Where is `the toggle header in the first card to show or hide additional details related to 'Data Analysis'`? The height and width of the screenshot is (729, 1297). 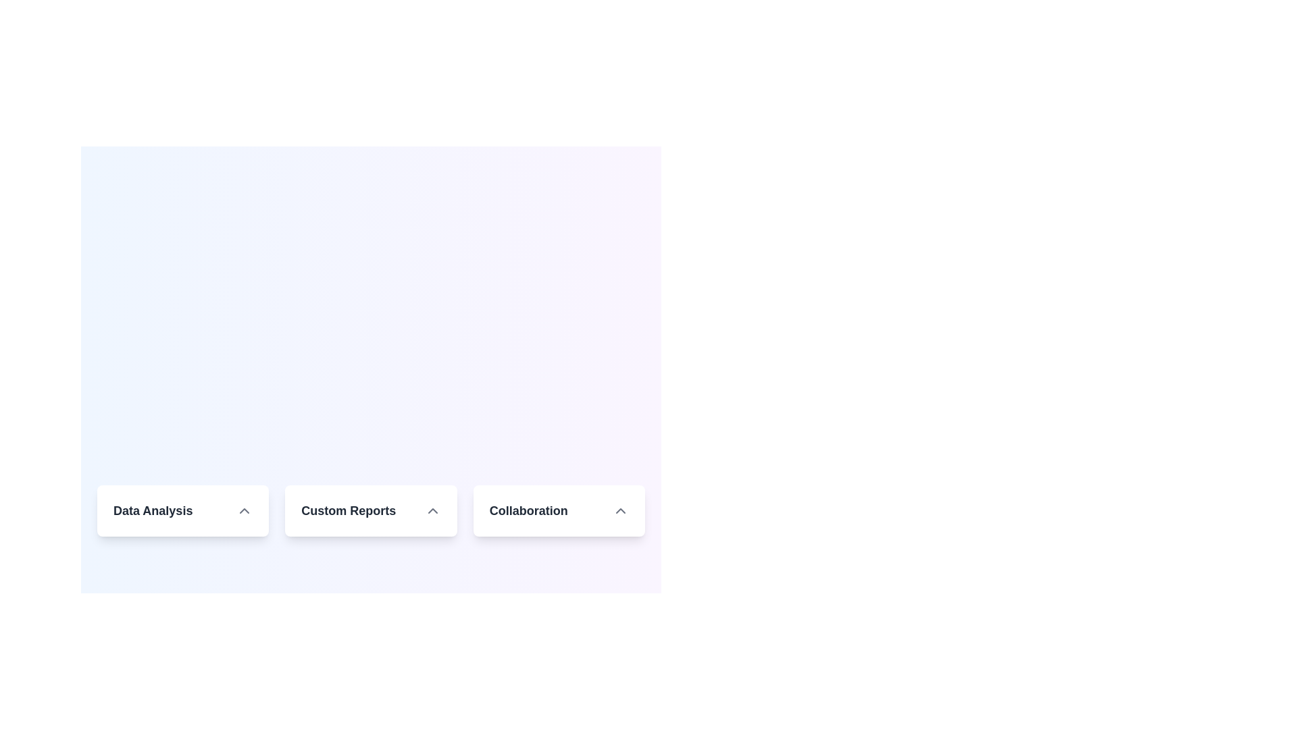 the toggle header in the first card to show or hide additional details related to 'Data Analysis' is located at coordinates (182, 510).